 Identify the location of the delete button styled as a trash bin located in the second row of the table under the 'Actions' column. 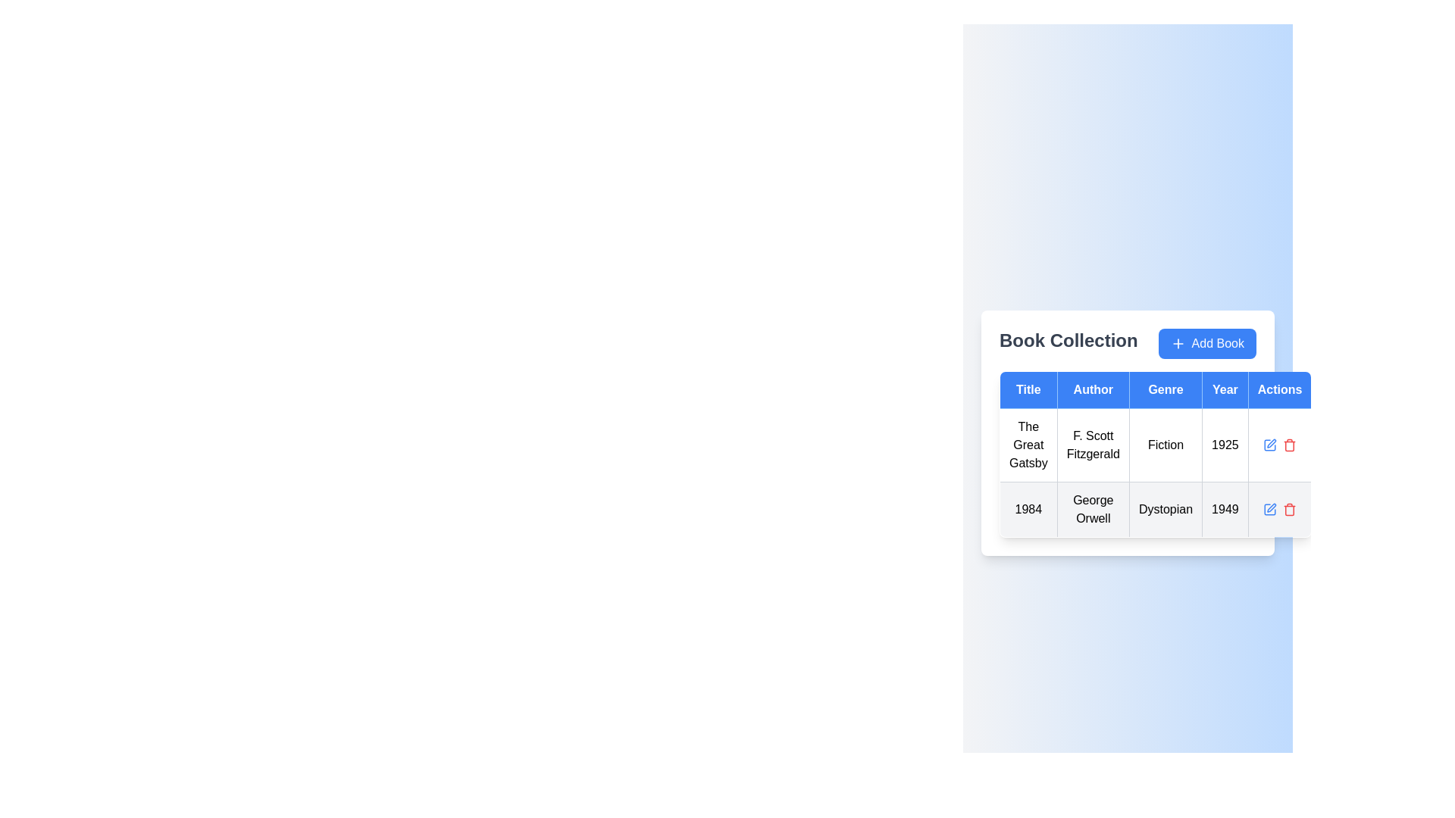
(1289, 444).